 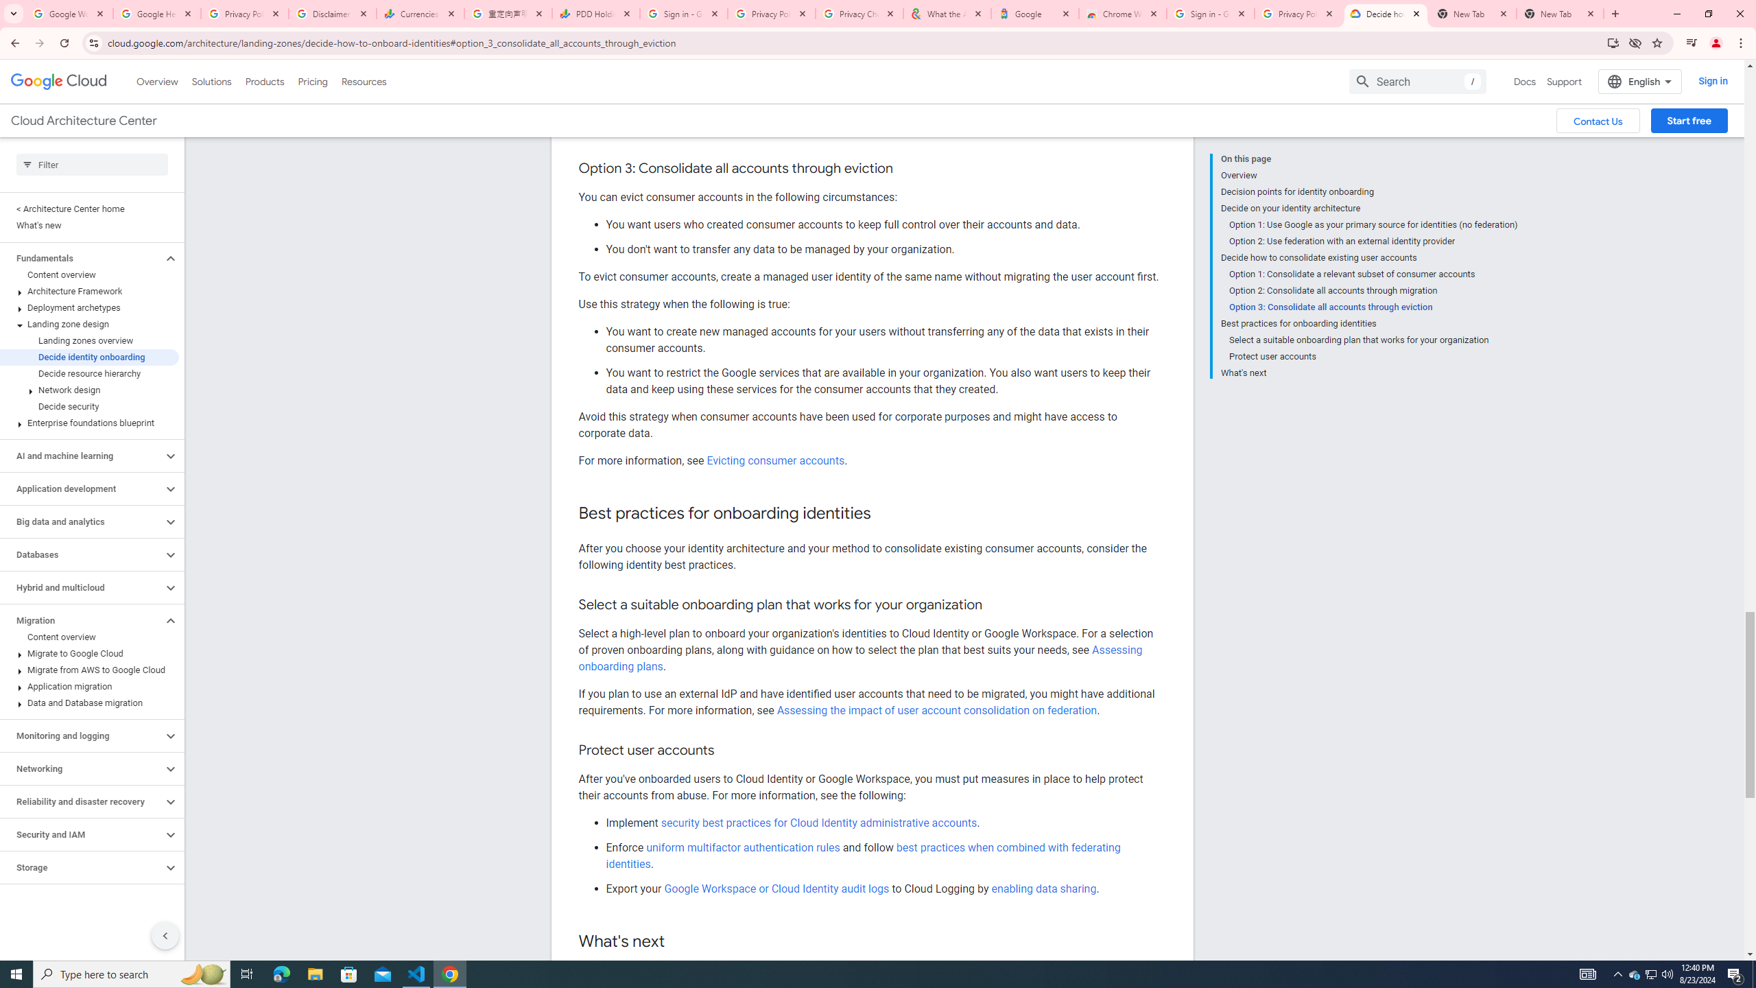 I want to click on 'Decide identity onboarding', so click(x=89, y=357).